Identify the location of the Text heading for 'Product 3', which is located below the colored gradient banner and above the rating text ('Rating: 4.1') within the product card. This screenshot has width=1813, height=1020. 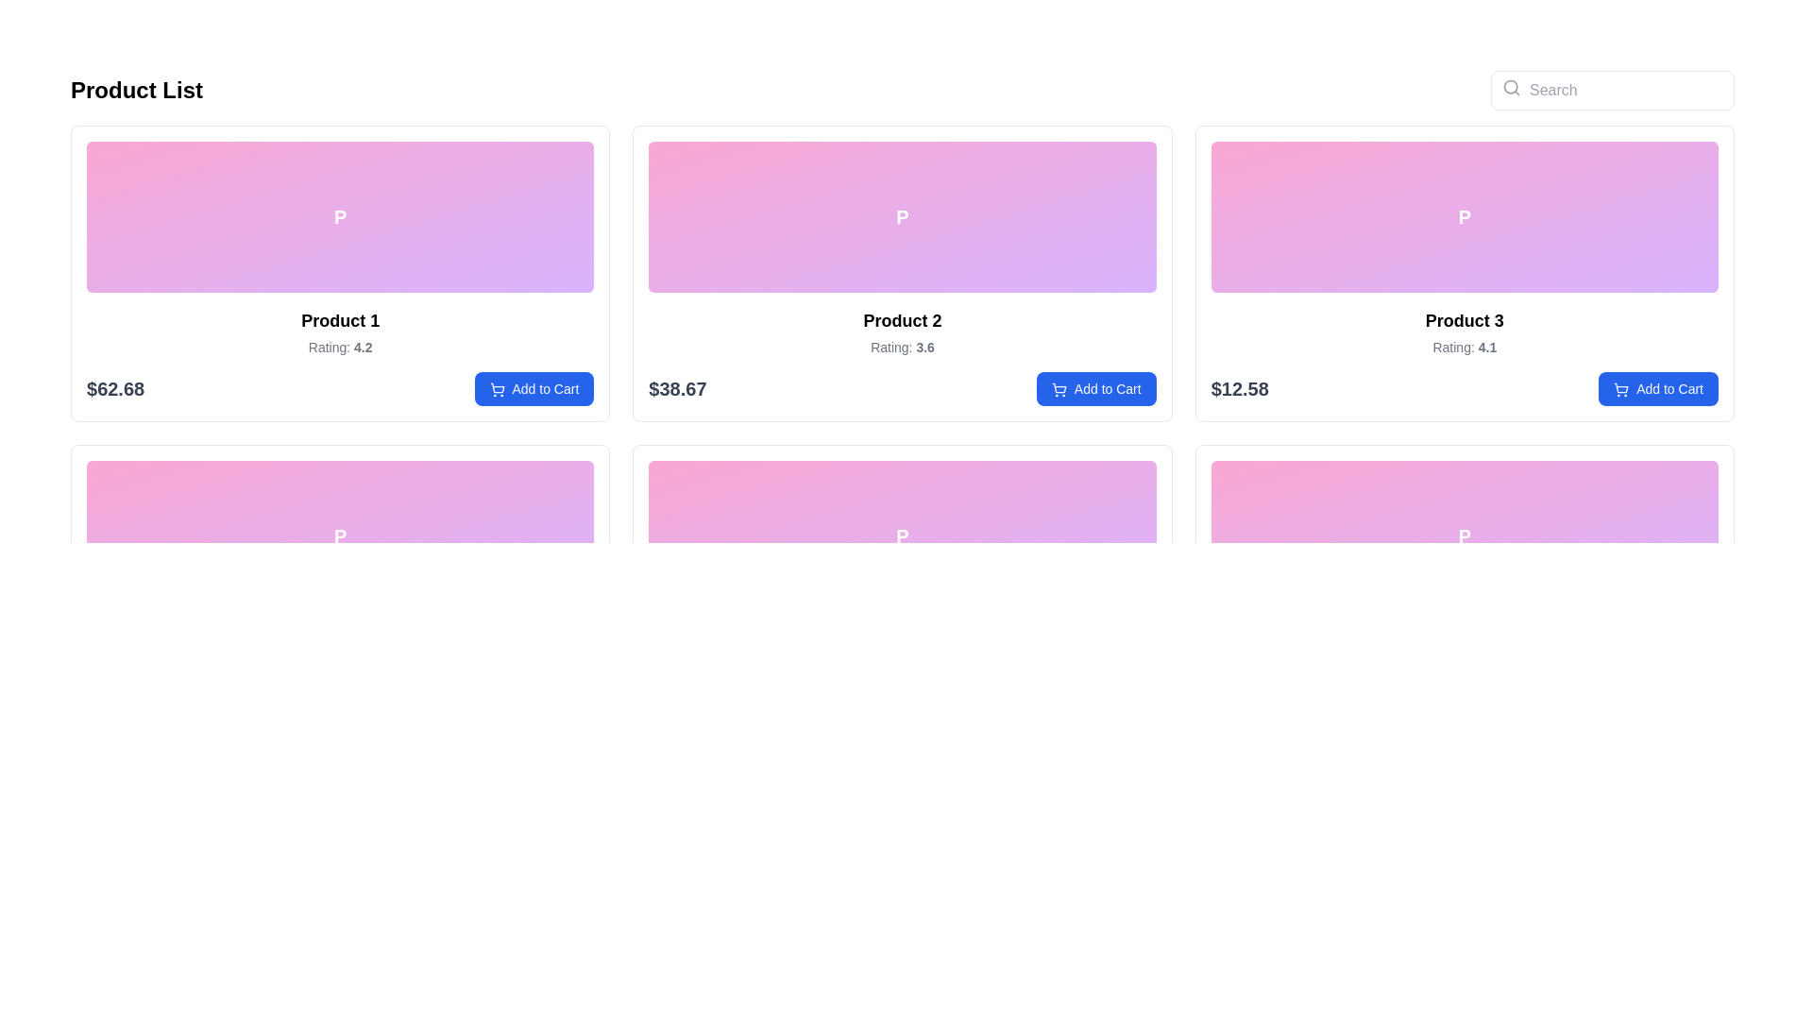
(1464, 319).